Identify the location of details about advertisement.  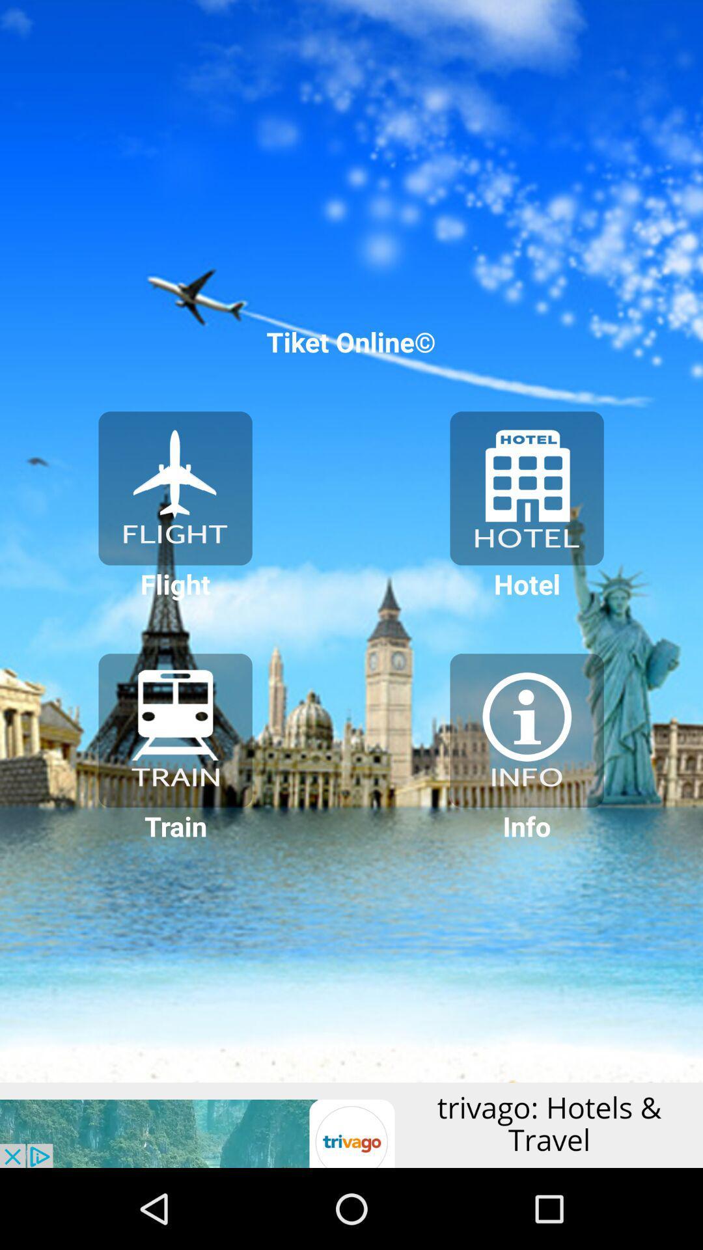
(351, 1124).